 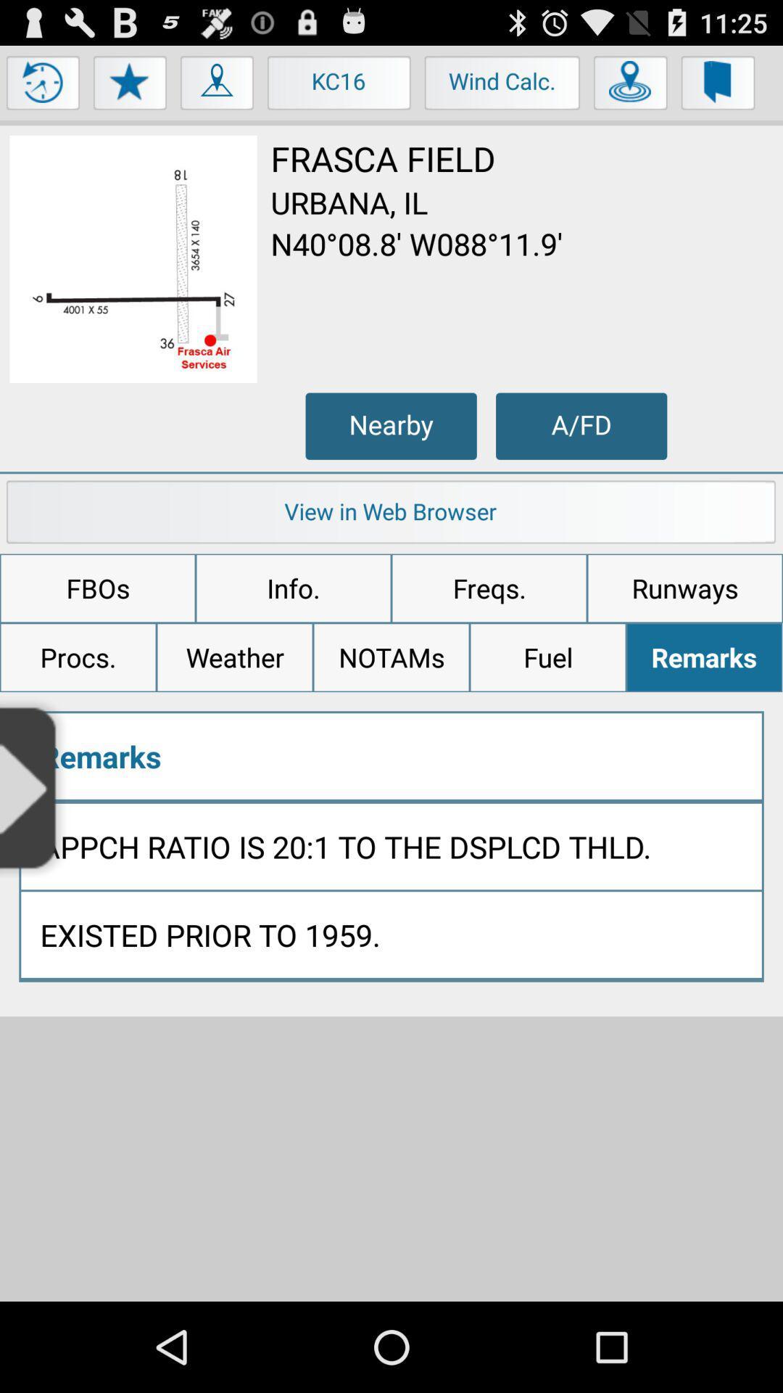 What do you see at coordinates (43, 86) in the screenshot?
I see `change time` at bounding box center [43, 86].